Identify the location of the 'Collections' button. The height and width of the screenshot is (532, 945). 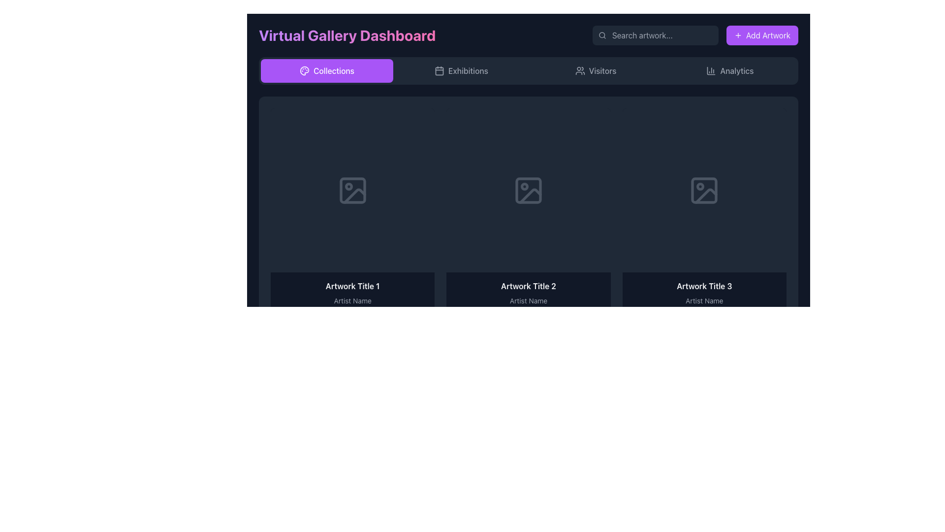
(327, 70).